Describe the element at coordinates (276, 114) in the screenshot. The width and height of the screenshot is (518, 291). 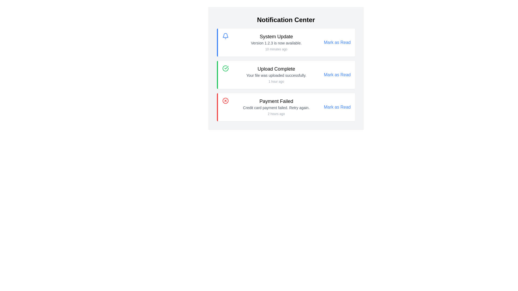
I see `the text element displaying '2 hours ago' within the 'Payment Failed' notification in the Notification Center` at that location.